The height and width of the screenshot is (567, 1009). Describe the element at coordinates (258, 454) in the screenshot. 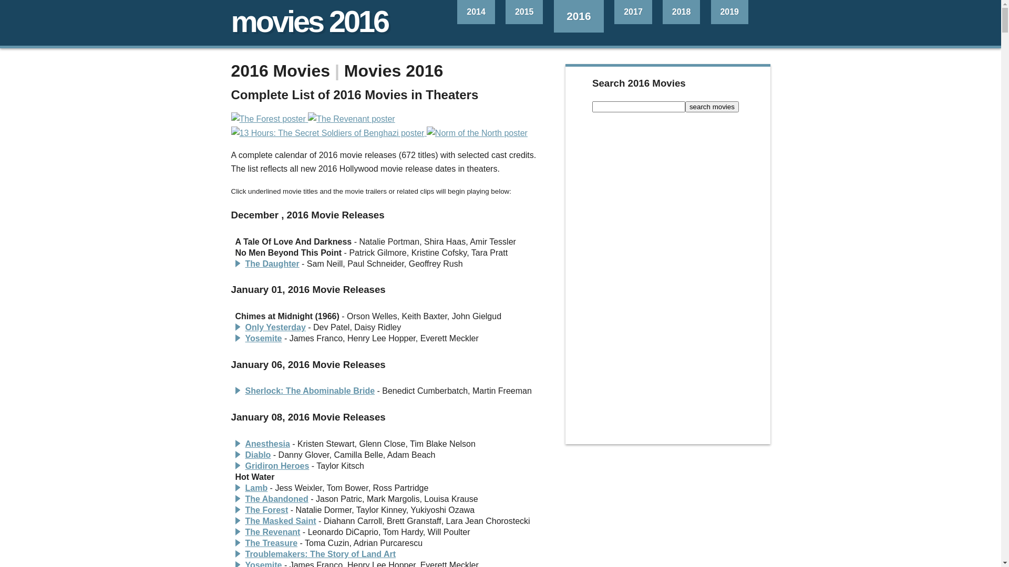

I see `'Diablo'` at that location.